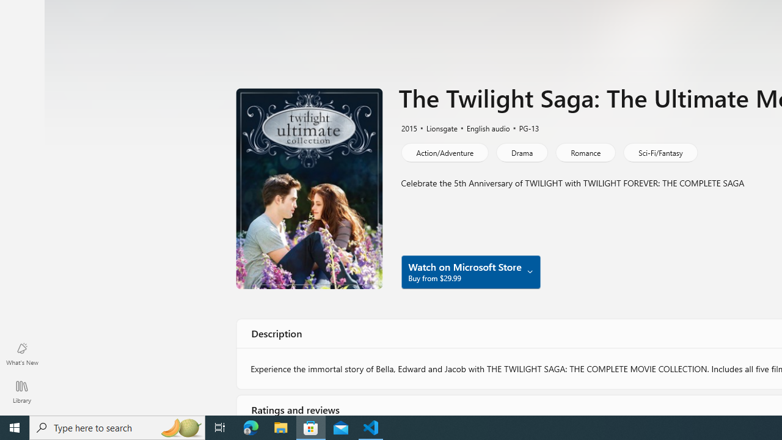 This screenshot has height=440, width=782. What do you see at coordinates (482, 127) in the screenshot?
I see `'English audio'` at bounding box center [482, 127].